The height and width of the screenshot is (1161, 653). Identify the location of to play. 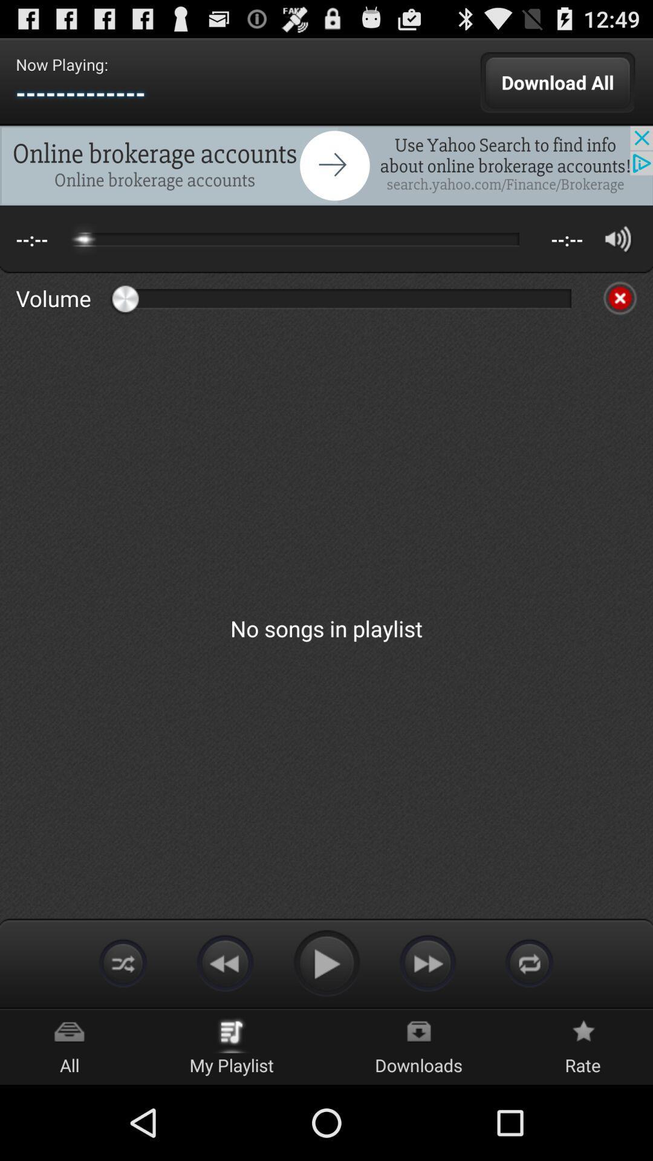
(326, 962).